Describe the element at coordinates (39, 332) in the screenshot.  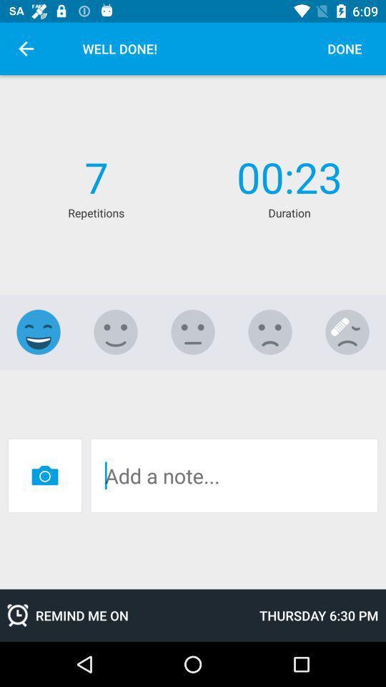
I see `smiley face` at that location.